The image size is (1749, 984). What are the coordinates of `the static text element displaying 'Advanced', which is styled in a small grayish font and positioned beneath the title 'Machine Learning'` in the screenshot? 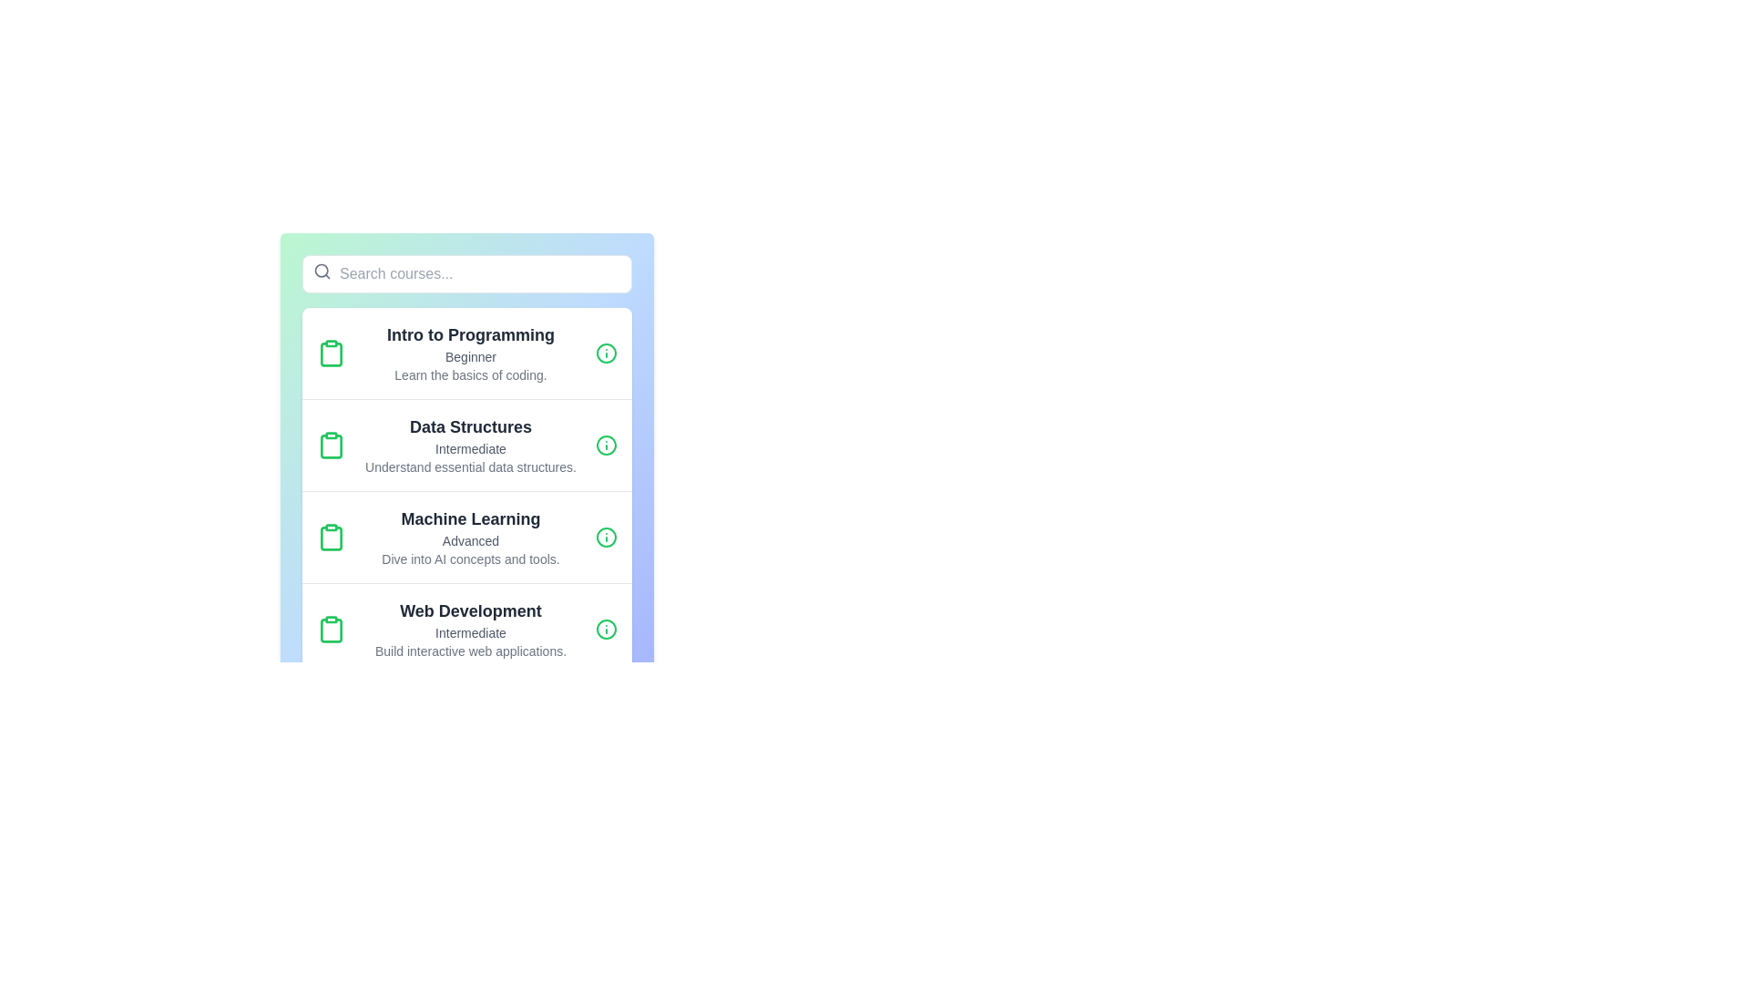 It's located at (471, 540).